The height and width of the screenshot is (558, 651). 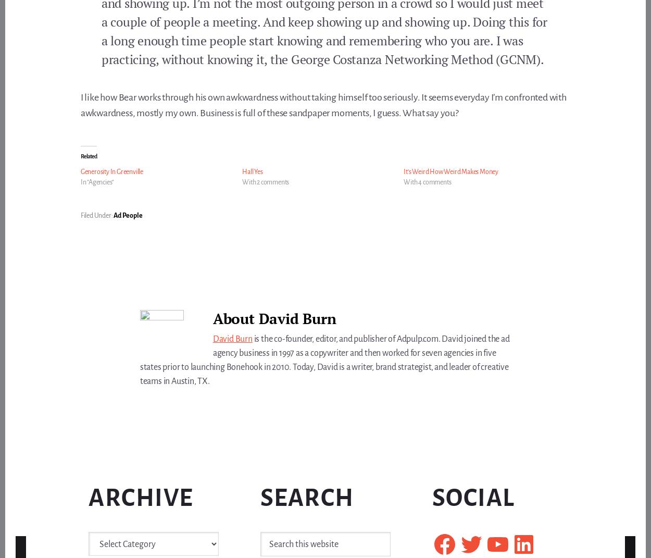 What do you see at coordinates (127, 215) in the screenshot?
I see `'Ad People'` at bounding box center [127, 215].